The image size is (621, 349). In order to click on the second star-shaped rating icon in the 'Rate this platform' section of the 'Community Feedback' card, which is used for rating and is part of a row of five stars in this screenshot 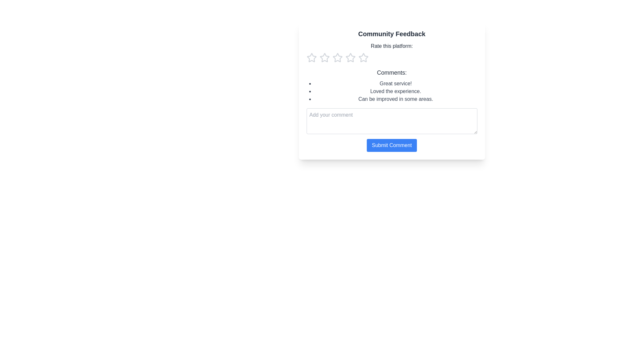, I will do `click(337, 57)`.